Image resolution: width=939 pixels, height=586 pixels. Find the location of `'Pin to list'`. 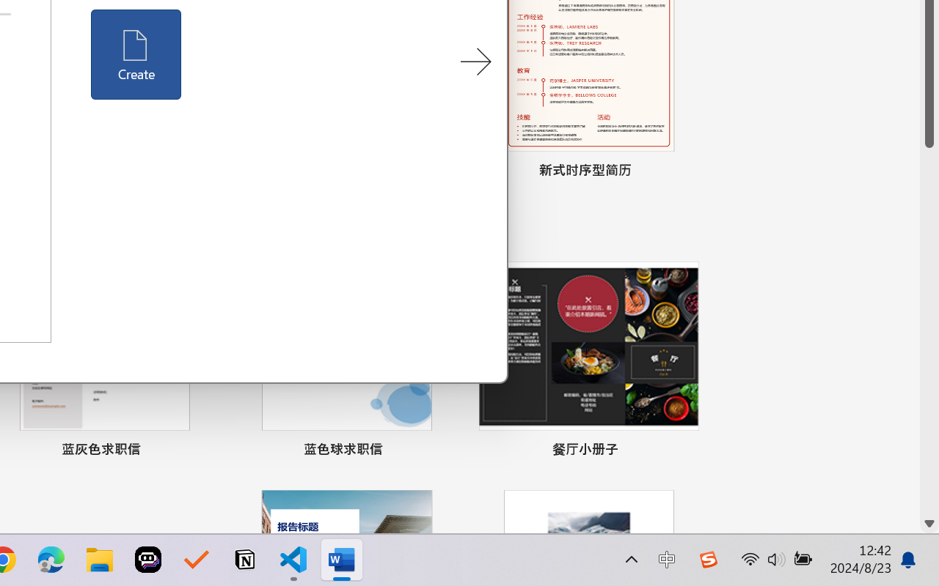

'Pin to list' is located at coordinates (684, 451).